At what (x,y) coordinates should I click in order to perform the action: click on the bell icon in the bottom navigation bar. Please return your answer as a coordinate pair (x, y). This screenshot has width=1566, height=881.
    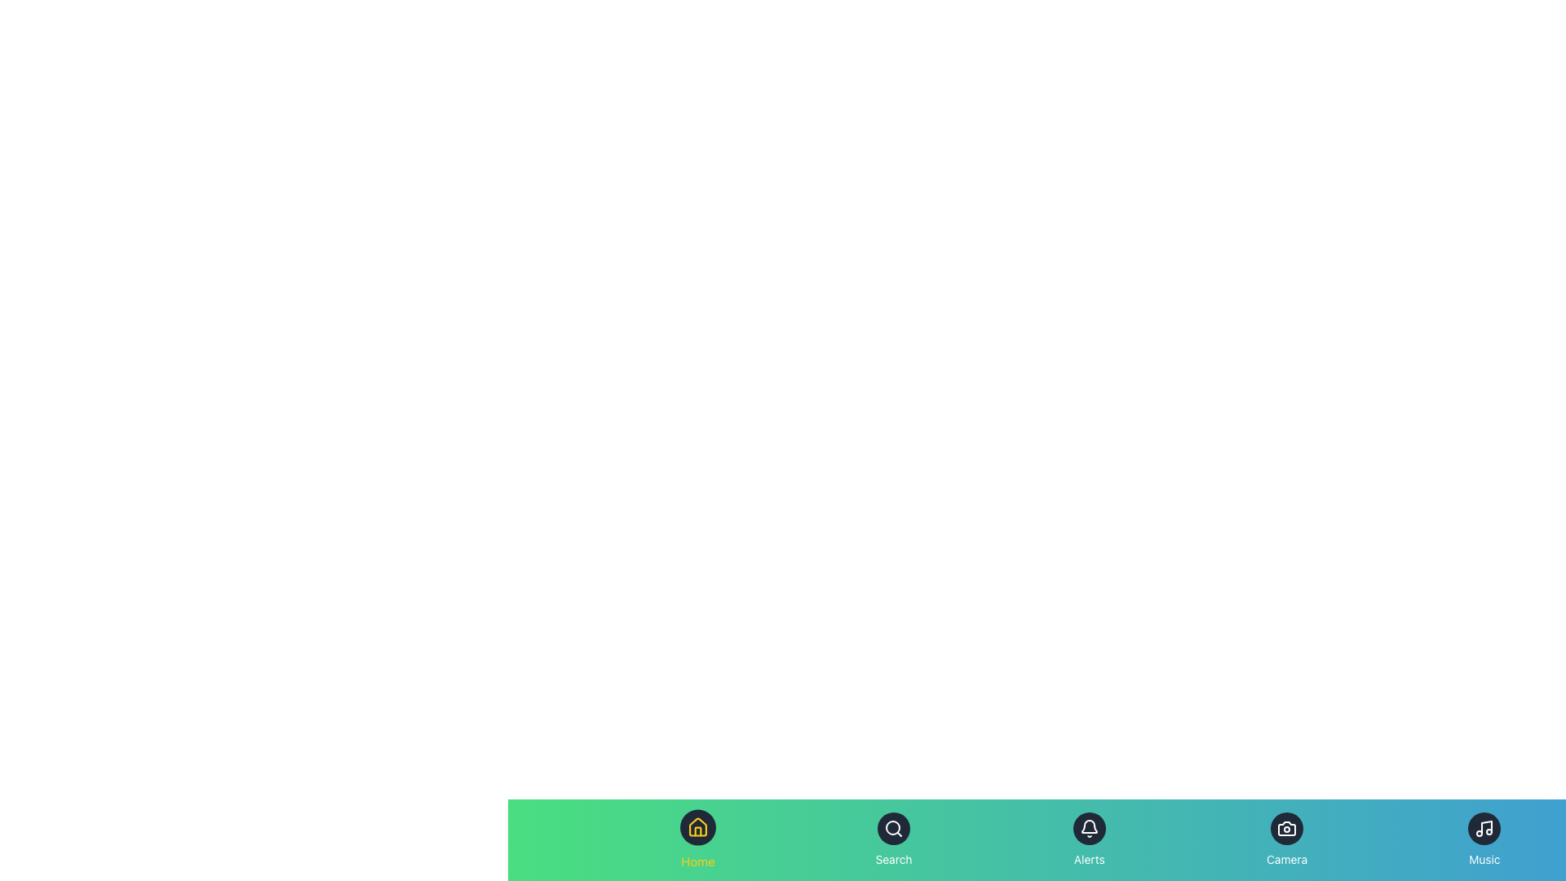
    Looking at the image, I should click on (1089, 828).